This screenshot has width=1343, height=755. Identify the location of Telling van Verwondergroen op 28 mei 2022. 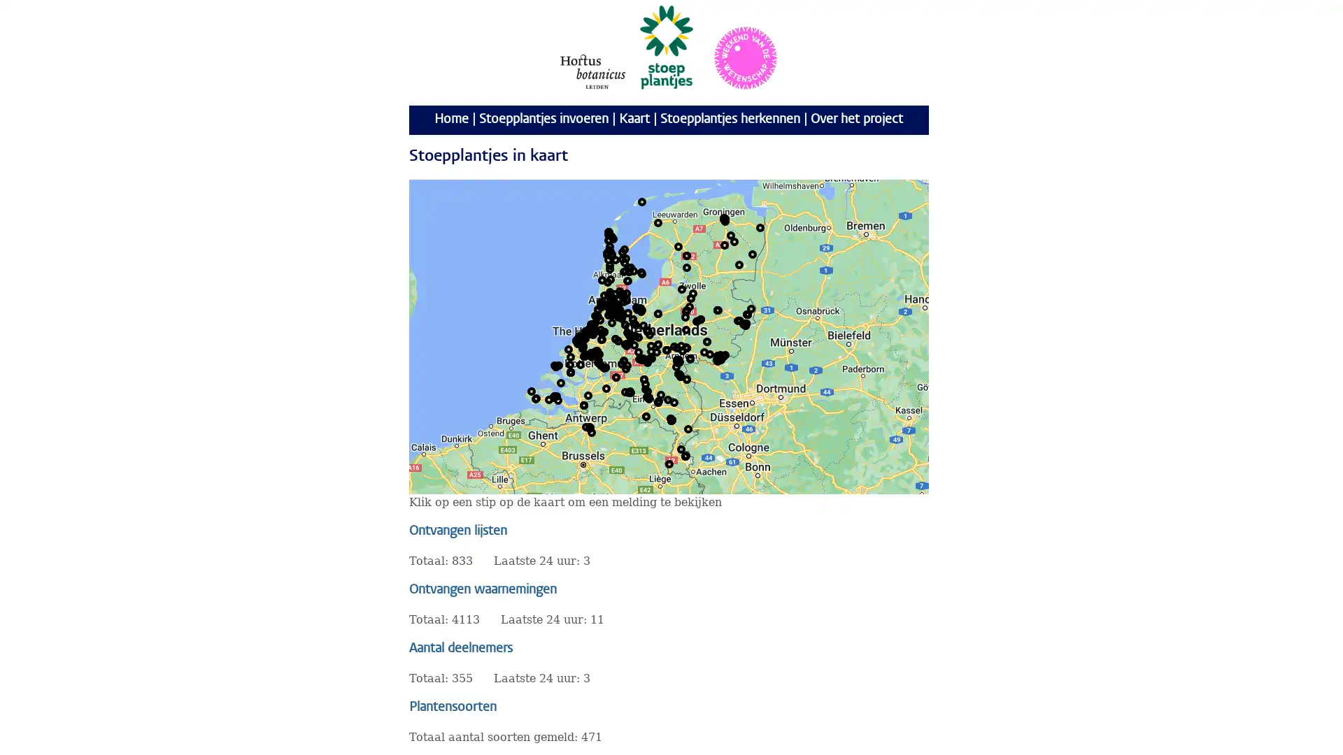
(674, 345).